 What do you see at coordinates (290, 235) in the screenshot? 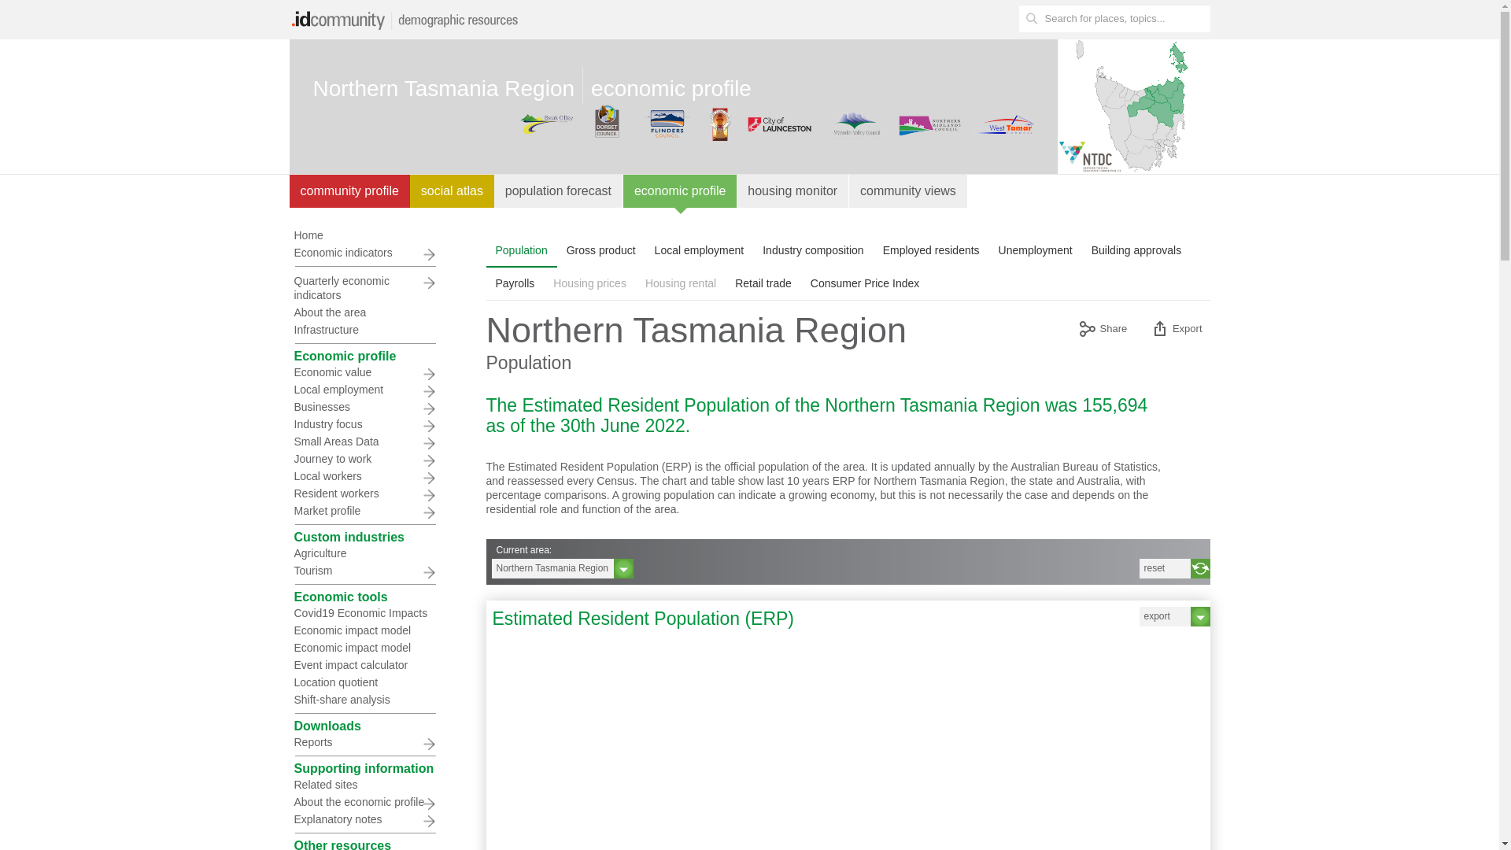
I see `'Home'` at bounding box center [290, 235].